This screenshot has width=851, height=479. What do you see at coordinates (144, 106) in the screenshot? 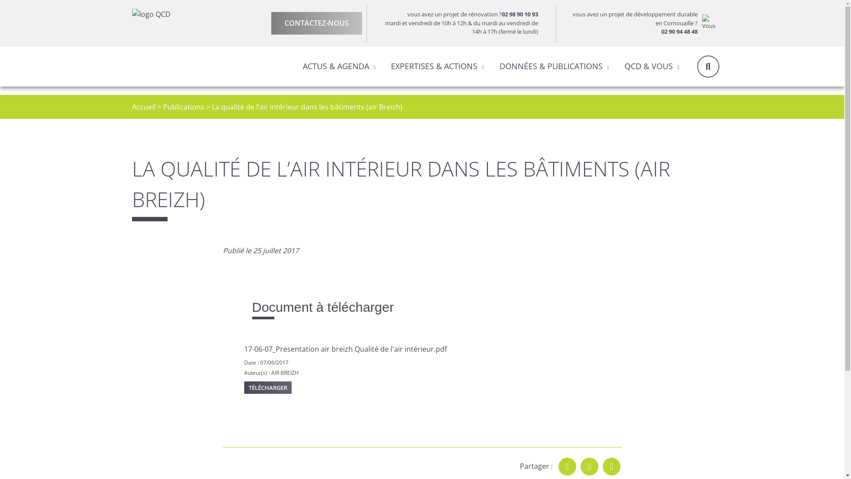
I see `'Accueil'` at bounding box center [144, 106].